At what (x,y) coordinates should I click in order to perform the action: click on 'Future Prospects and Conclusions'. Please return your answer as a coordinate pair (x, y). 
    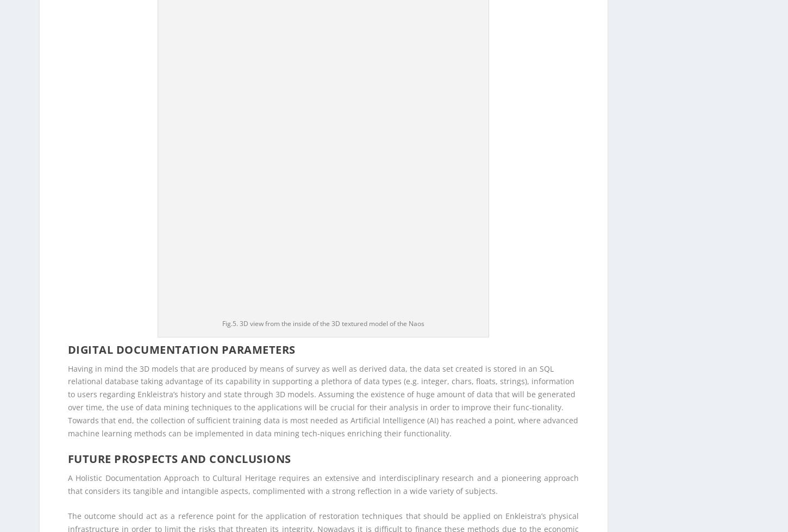
    Looking at the image, I should click on (179, 49).